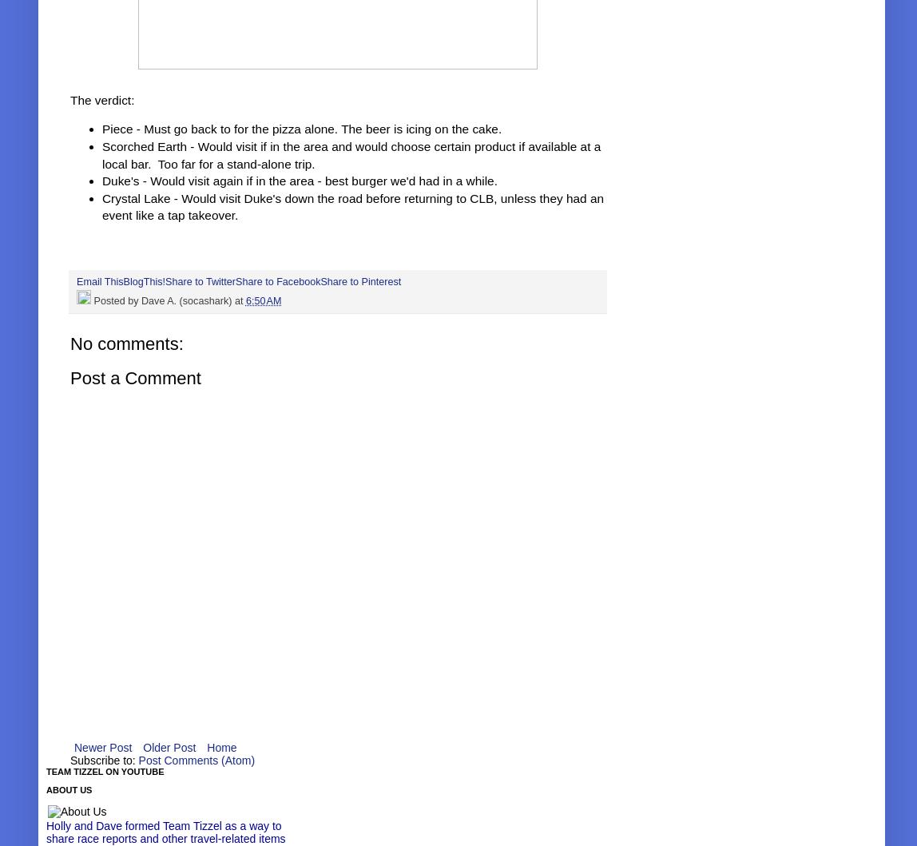  I want to click on 'Piece - Must go back to for the pizza alone.  The beer is icing on the cake.', so click(102, 128).